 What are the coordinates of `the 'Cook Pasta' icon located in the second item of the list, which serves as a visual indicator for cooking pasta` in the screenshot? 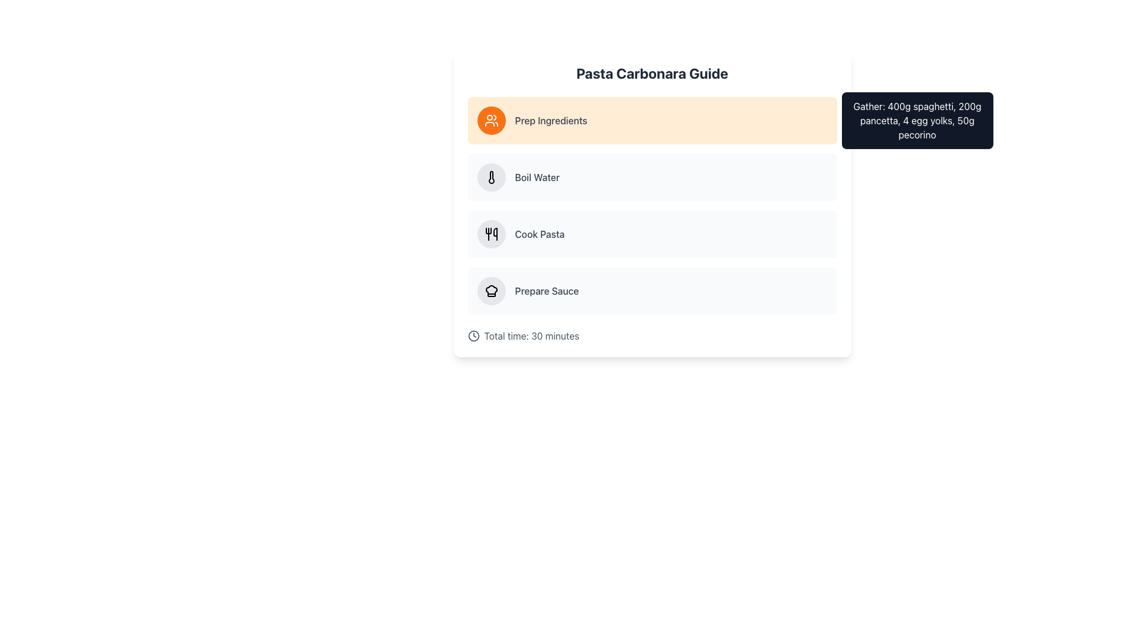 It's located at (491, 234).